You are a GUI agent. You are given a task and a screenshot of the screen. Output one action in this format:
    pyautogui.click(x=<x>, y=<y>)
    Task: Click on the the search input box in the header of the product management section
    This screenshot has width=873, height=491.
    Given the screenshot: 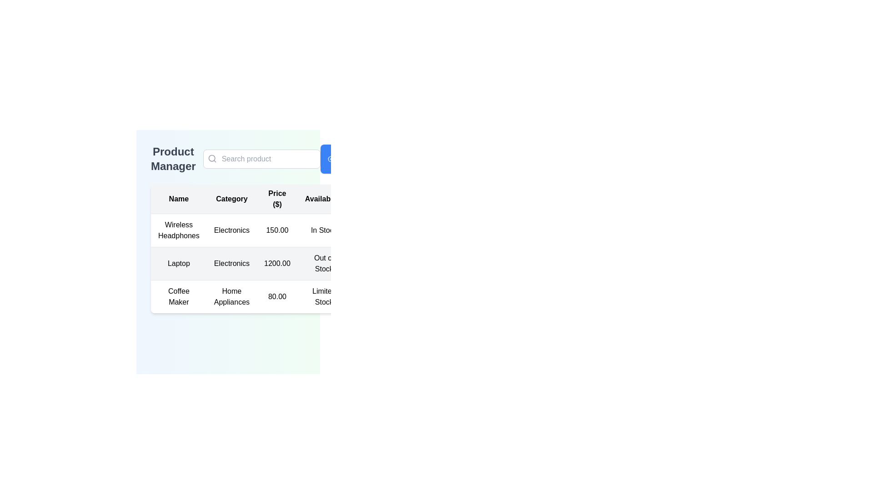 What is the action you would take?
    pyautogui.click(x=228, y=159)
    